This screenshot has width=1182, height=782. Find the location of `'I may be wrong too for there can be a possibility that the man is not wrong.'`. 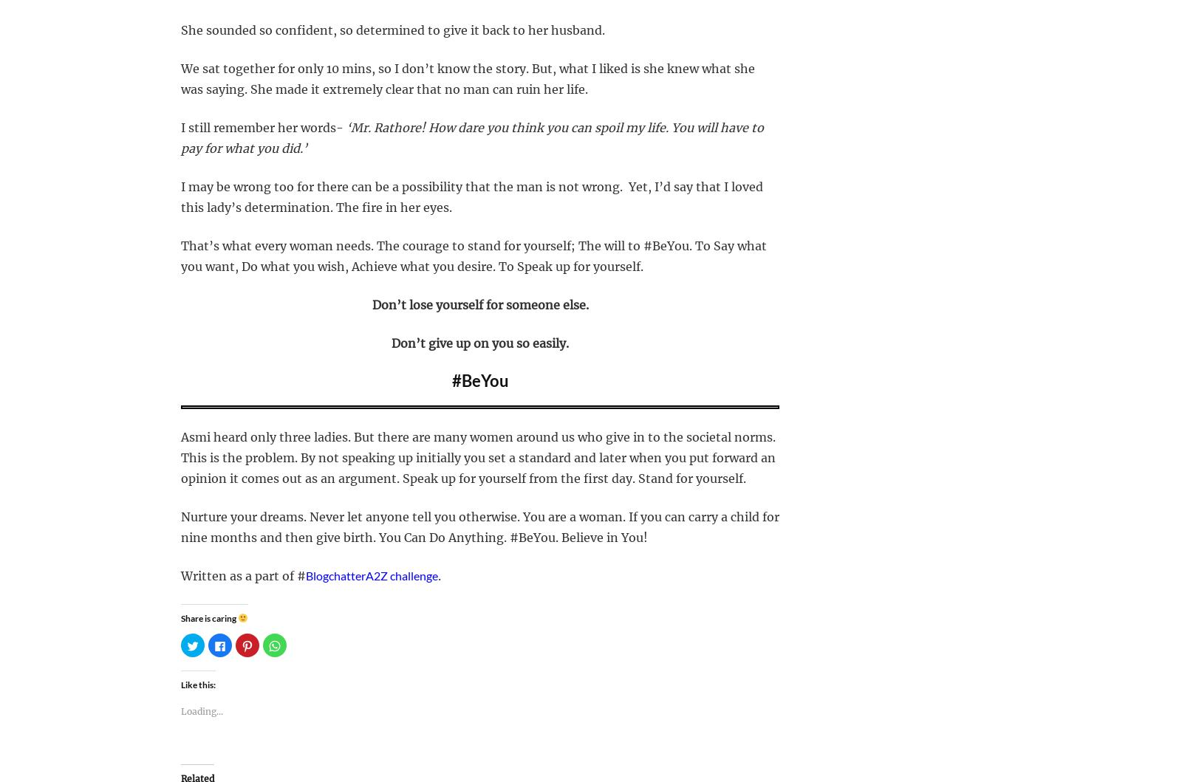

'I may be wrong too for there can be a possibility that the man is not wrong.' is located at coordinates (180, 186).